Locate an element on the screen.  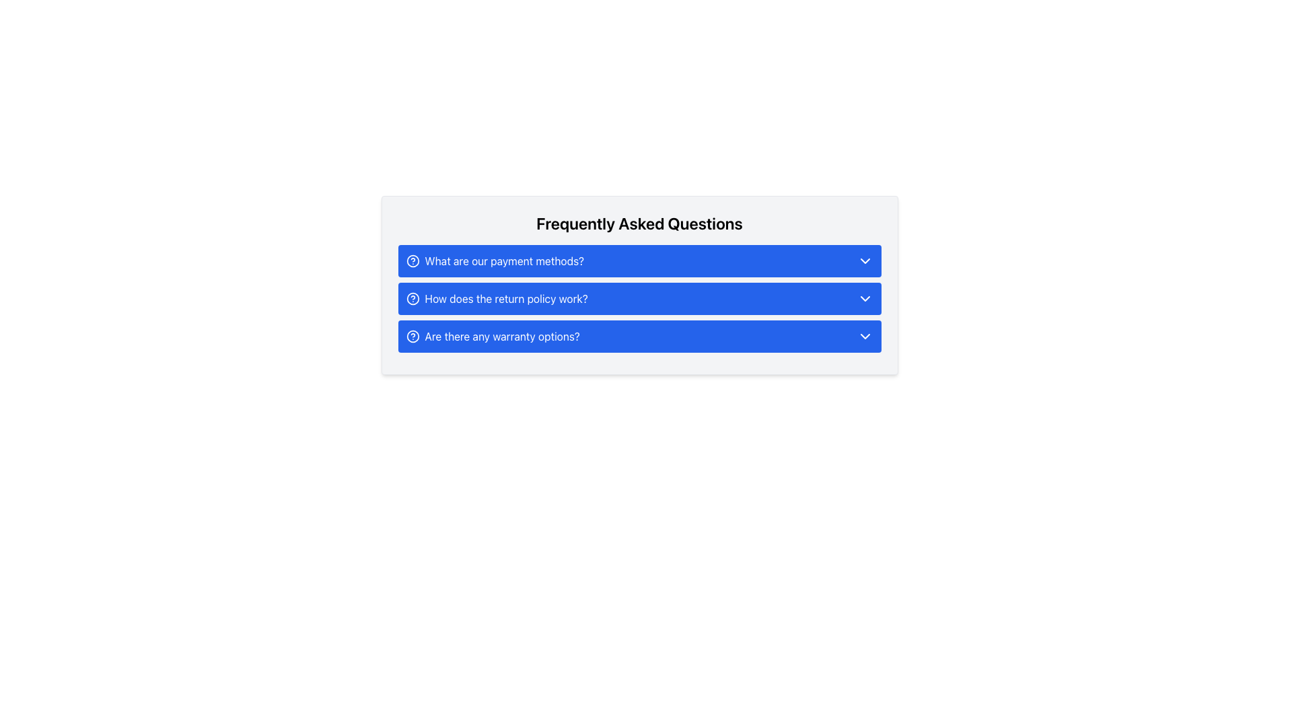
the text label 'How does the return policy work?' styled in white text on a blue background is located at coordinates (505, 298).